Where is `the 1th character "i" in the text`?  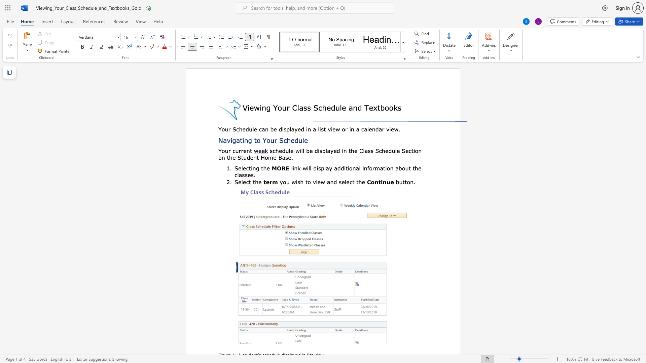
the 1th character "i" in the text is located at coordinates (231, 140).